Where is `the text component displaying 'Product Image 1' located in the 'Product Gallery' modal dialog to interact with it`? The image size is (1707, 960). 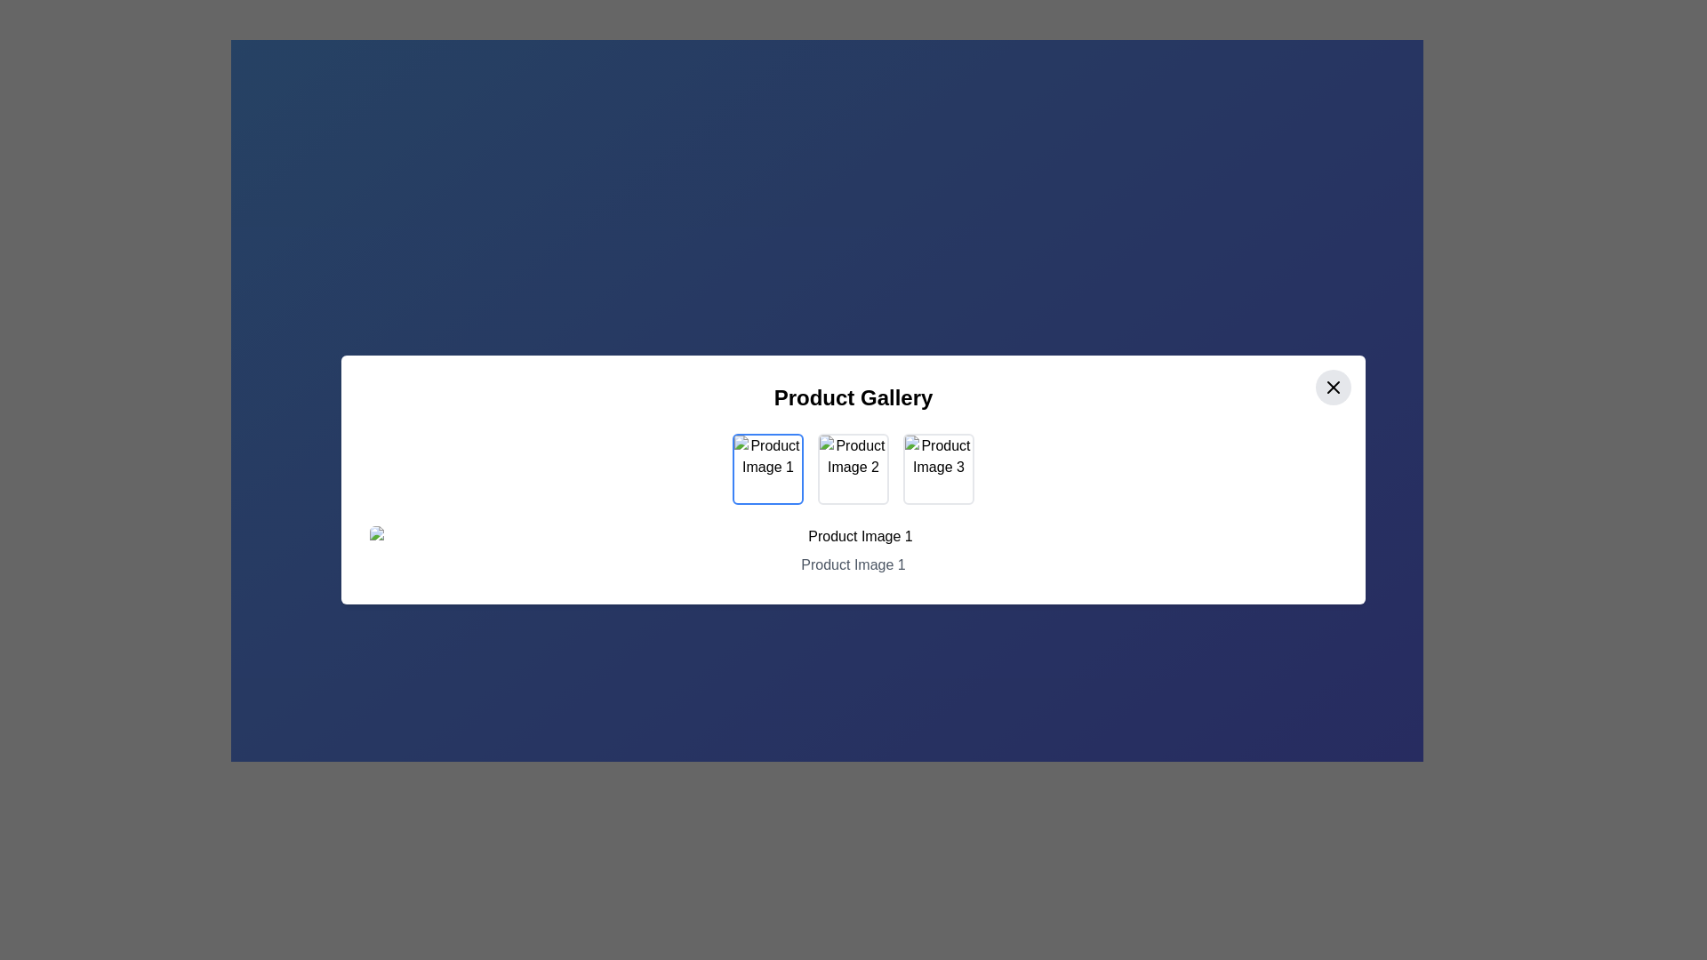 the text component displaying 'Product Image 1' located in the 'Product Gallery' modal dialog to interact with it is located at coordinates (853, 550).